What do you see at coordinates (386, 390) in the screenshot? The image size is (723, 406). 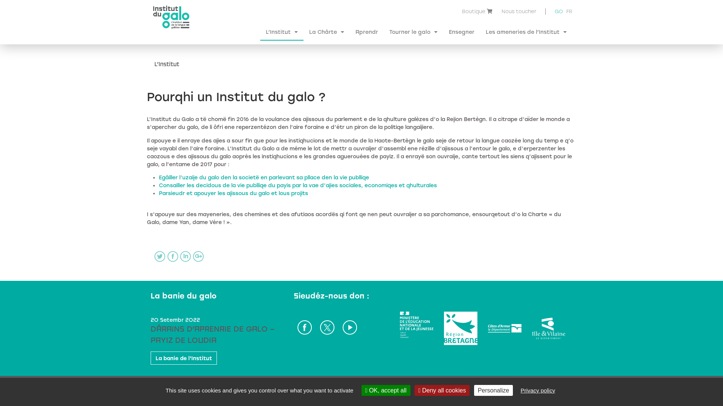 I see `'OK, accept all'` at bounding box center [386, 390].